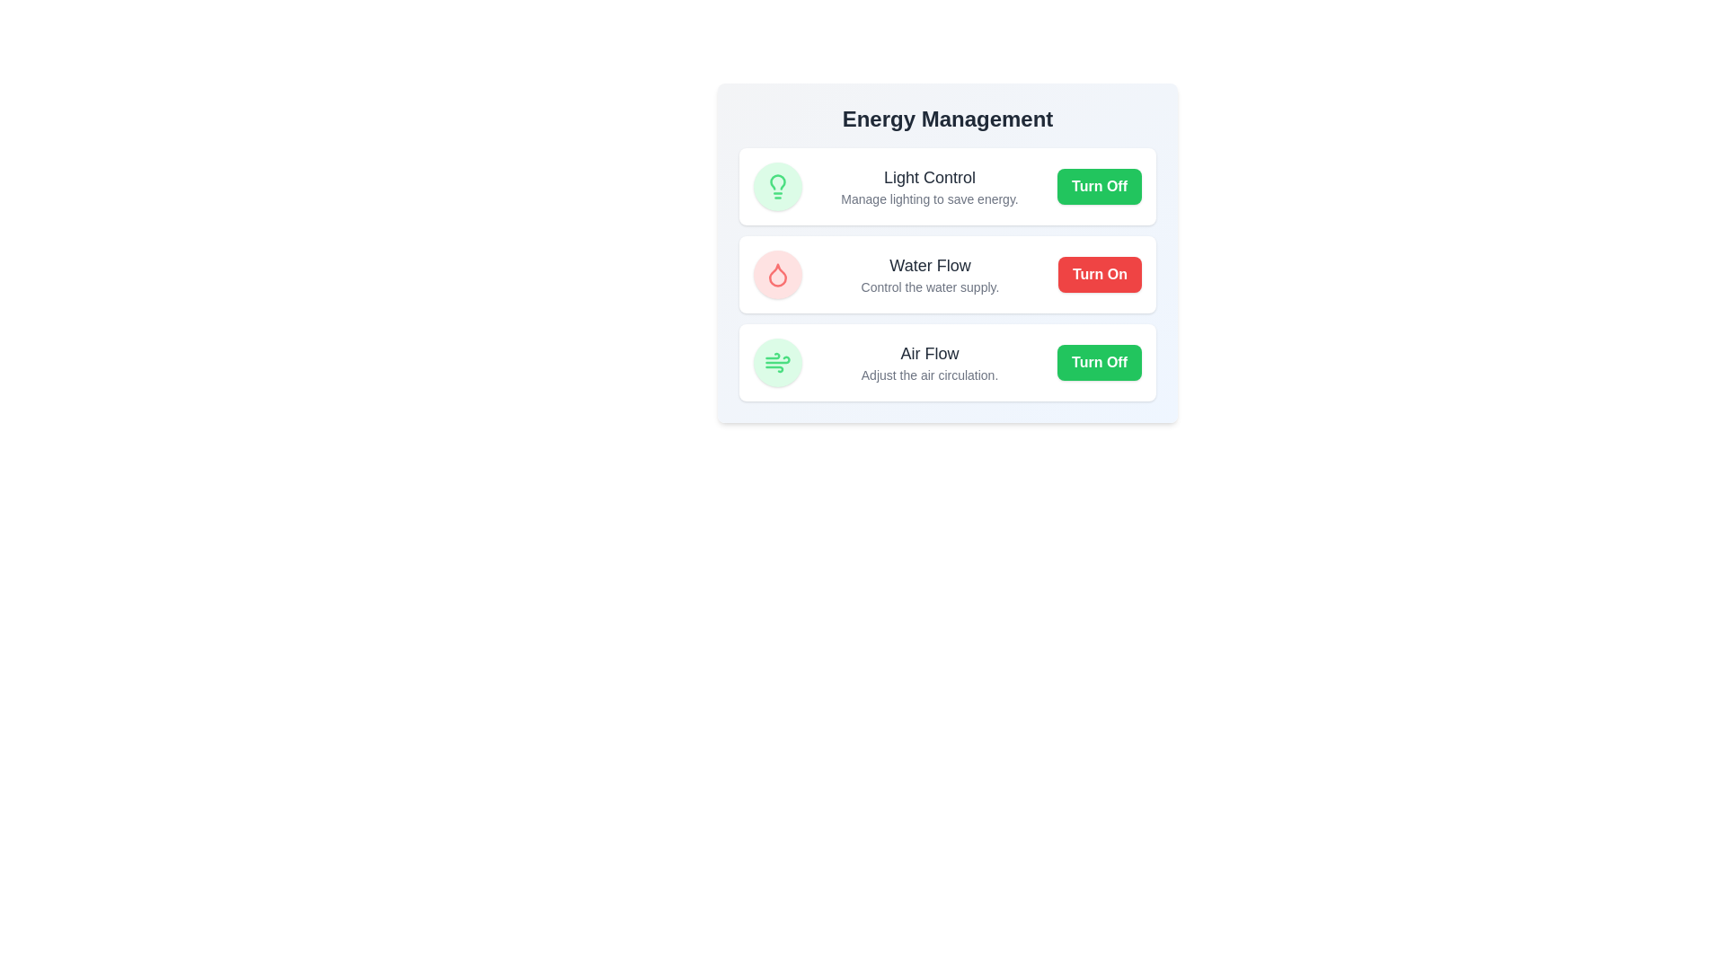 The image size is (1725, 970). What do you see at coordinates (777, 363) in the screenshot?
I see `the air circulation settings icon located in the 'Air Flow' section on the left side of the card layout` at bounding box center [777, 363].